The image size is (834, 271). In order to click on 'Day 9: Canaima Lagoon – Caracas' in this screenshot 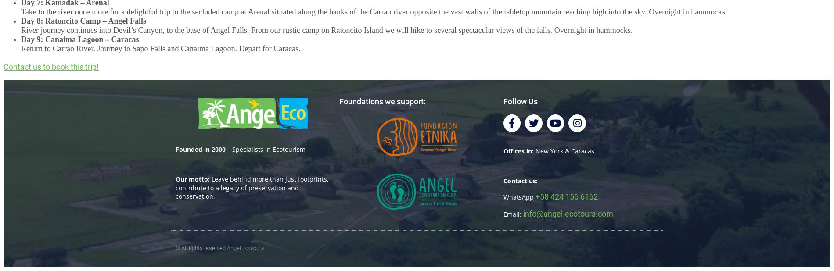, I will do `click(21, 39)`.